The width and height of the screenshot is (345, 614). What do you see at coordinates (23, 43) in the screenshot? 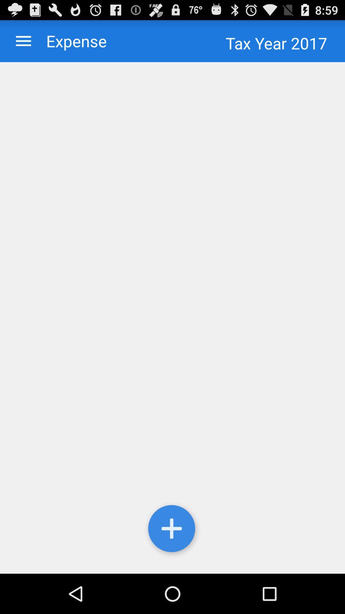
I see `the menu icon` at bounding box center [23, 43].